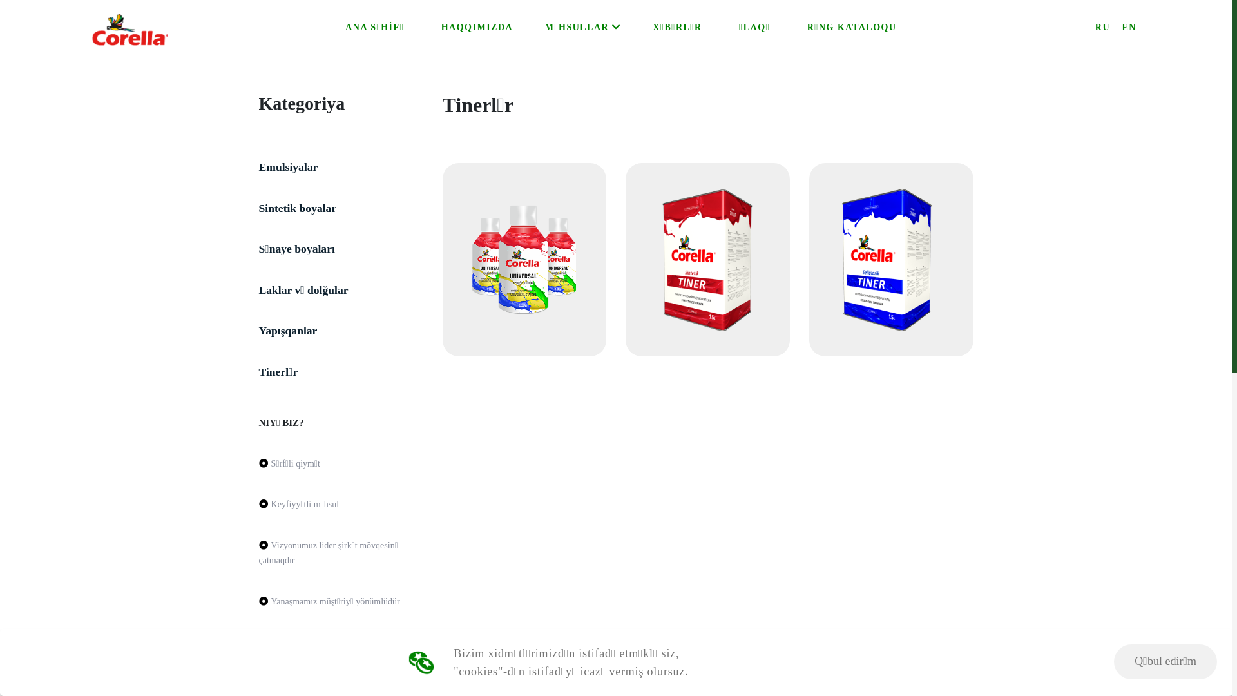 The image size is (1237, 696). What do you see at coordinates (287, 166) in the screenshot?
I see `'Emulsiyalar'` at bounding box center [287, 166].